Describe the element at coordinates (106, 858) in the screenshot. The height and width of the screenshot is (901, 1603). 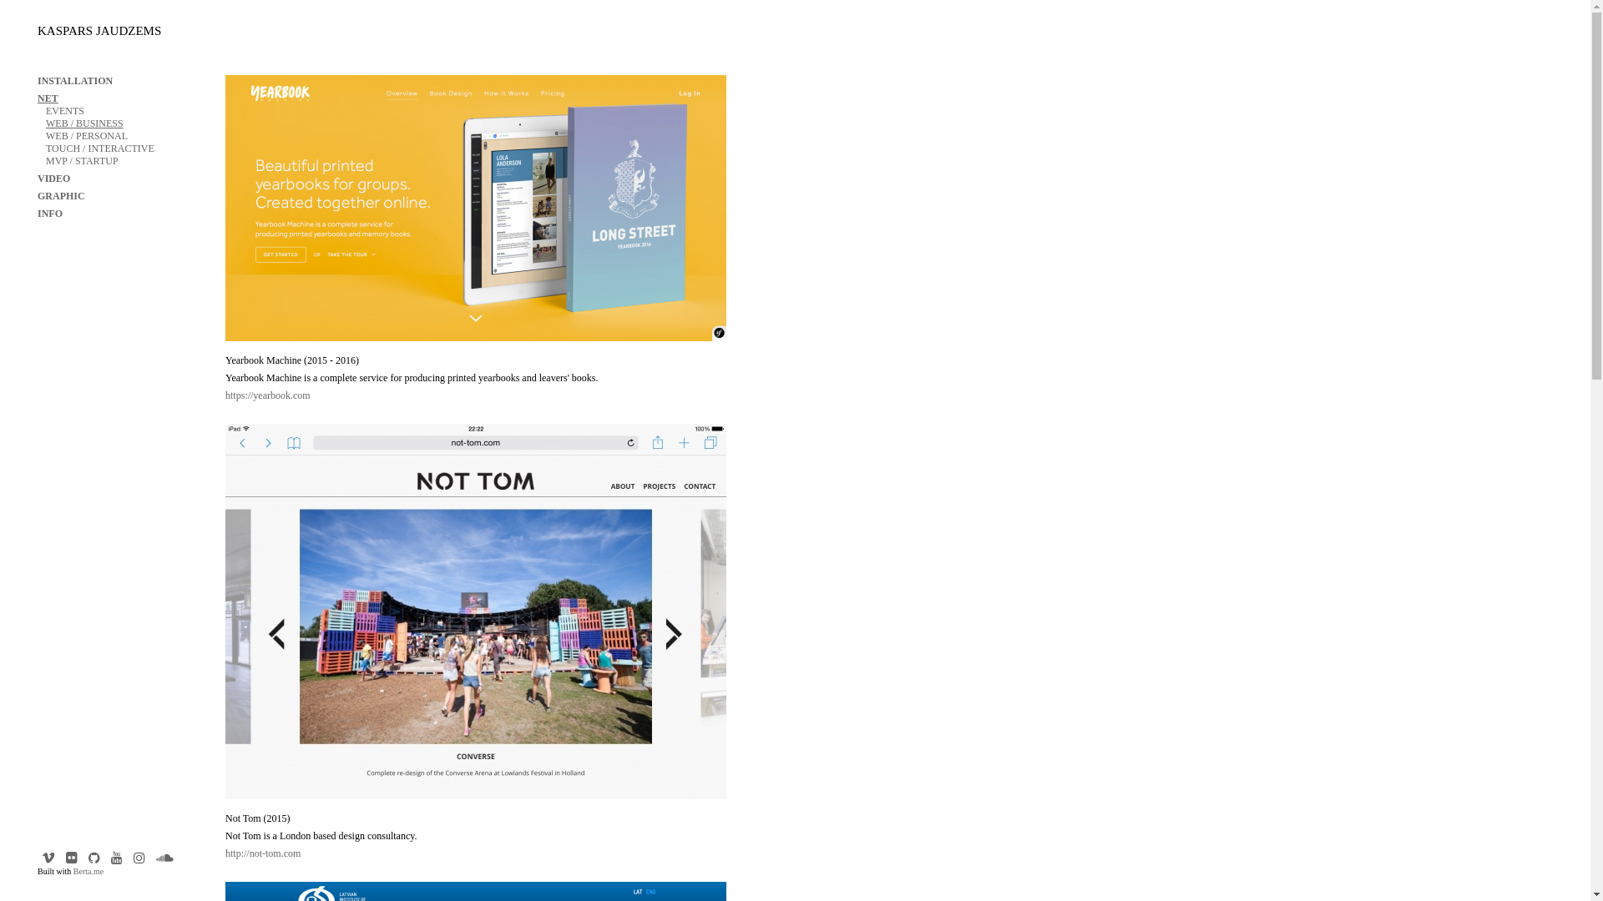
I see `'Youtube'` at that location.